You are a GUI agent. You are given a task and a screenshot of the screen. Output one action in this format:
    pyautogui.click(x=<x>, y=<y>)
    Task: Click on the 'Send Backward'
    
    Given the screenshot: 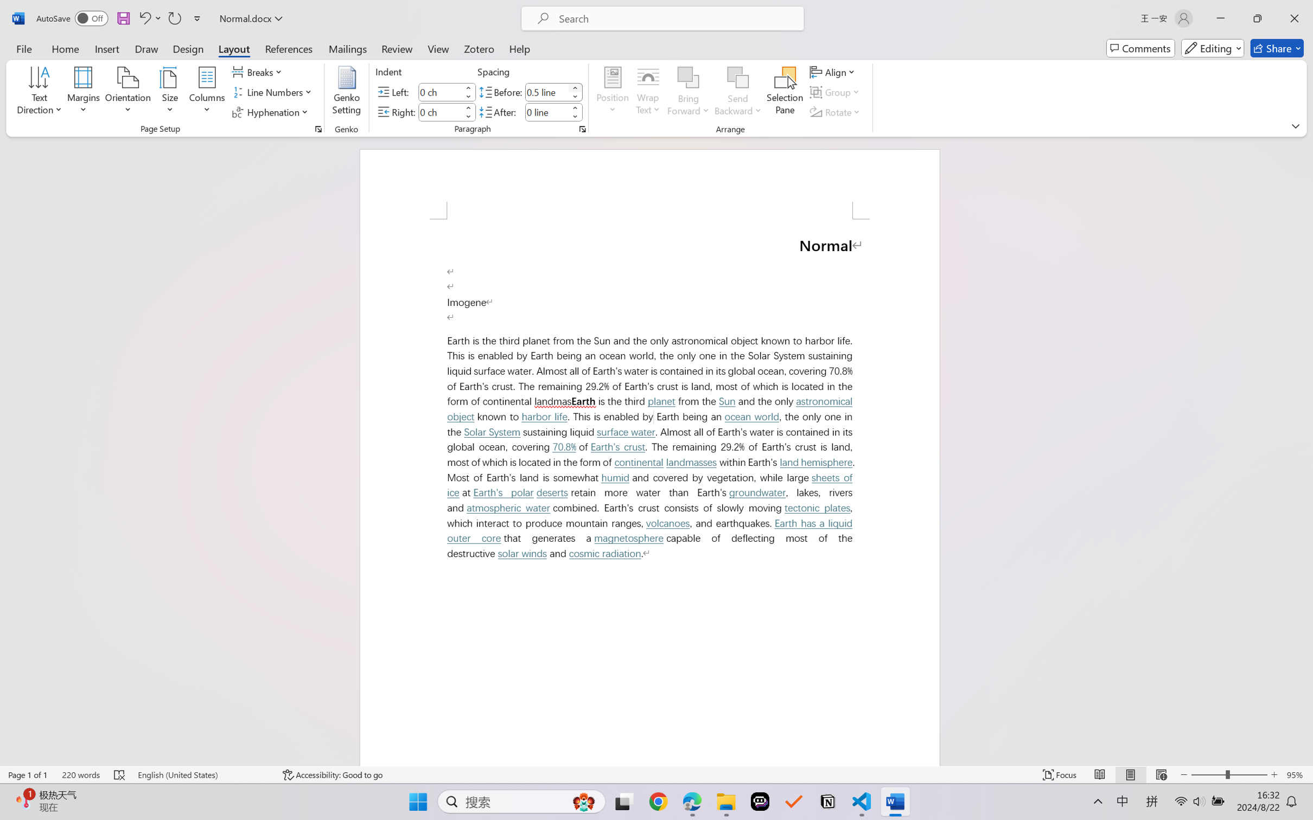 What is the action you would take?
    pyautogui.click(x=738, y=92)
    